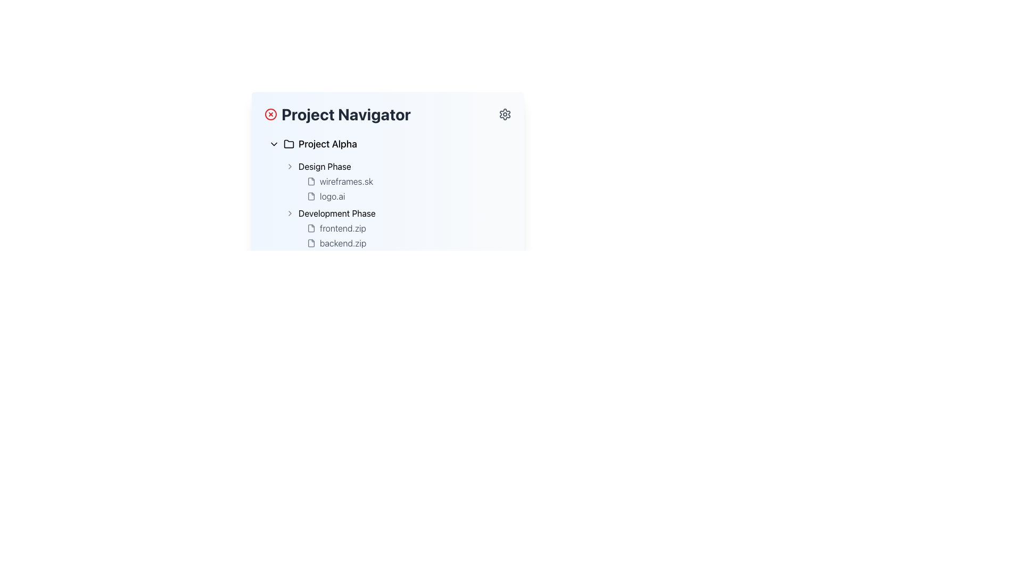 The width and height of the screenshot is (1022, 575). What do you see at coordinates (311, 243) in the screenshot?
I see `the file icon representing 'backend.zip' located under the 'Development Phase' subsection of the 'Project Alpha' section in the 'Project Navigator'` at bounding box center [311, 243].